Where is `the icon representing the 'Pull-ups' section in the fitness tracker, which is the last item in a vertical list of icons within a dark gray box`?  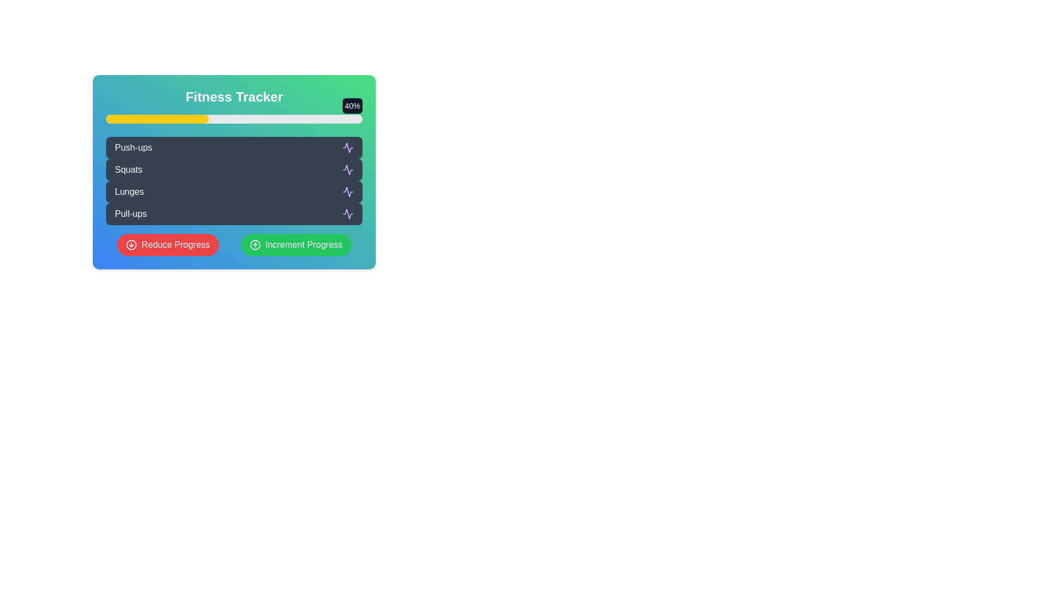 the icon representing the 'Pull-ups' section in the fitness tracker, which is the last item in a vertical list of icons within a dark gray box is located at coordinates (347, 214).